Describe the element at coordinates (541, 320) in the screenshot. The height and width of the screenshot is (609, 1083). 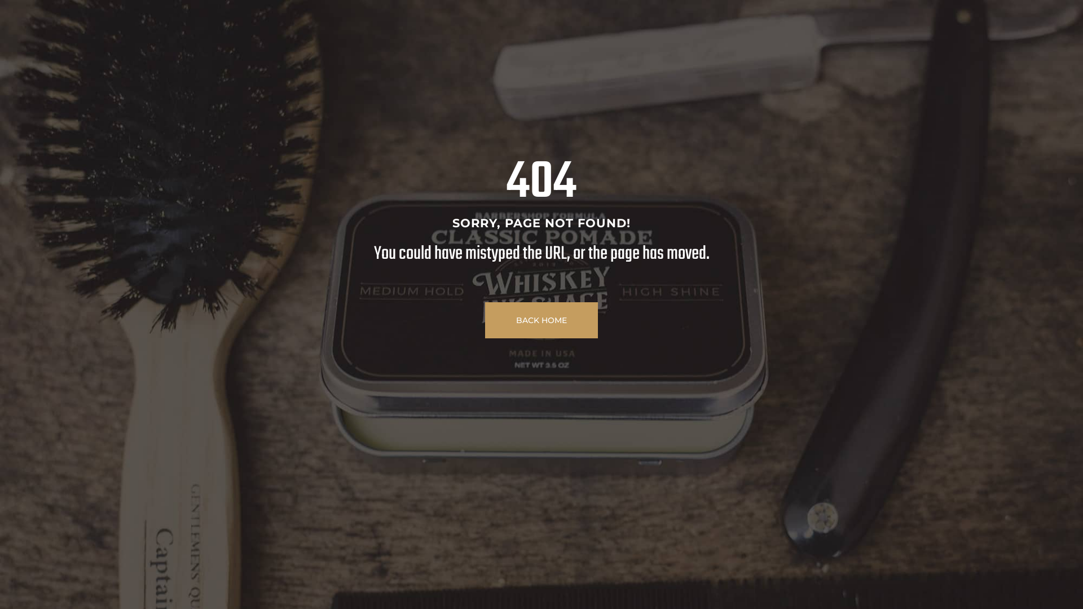
I see `'BACK HOME'` at that location.